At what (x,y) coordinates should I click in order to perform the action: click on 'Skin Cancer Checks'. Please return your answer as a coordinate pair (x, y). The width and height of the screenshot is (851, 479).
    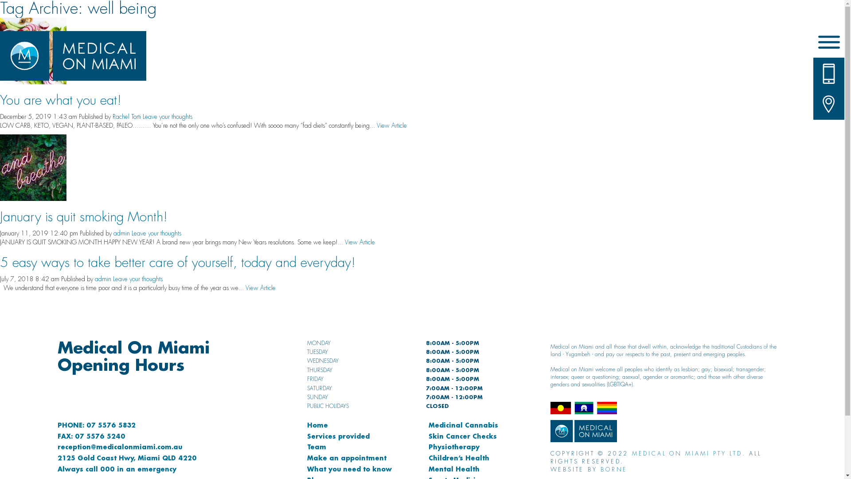
    Looking at the image, I should click on (462, 436).